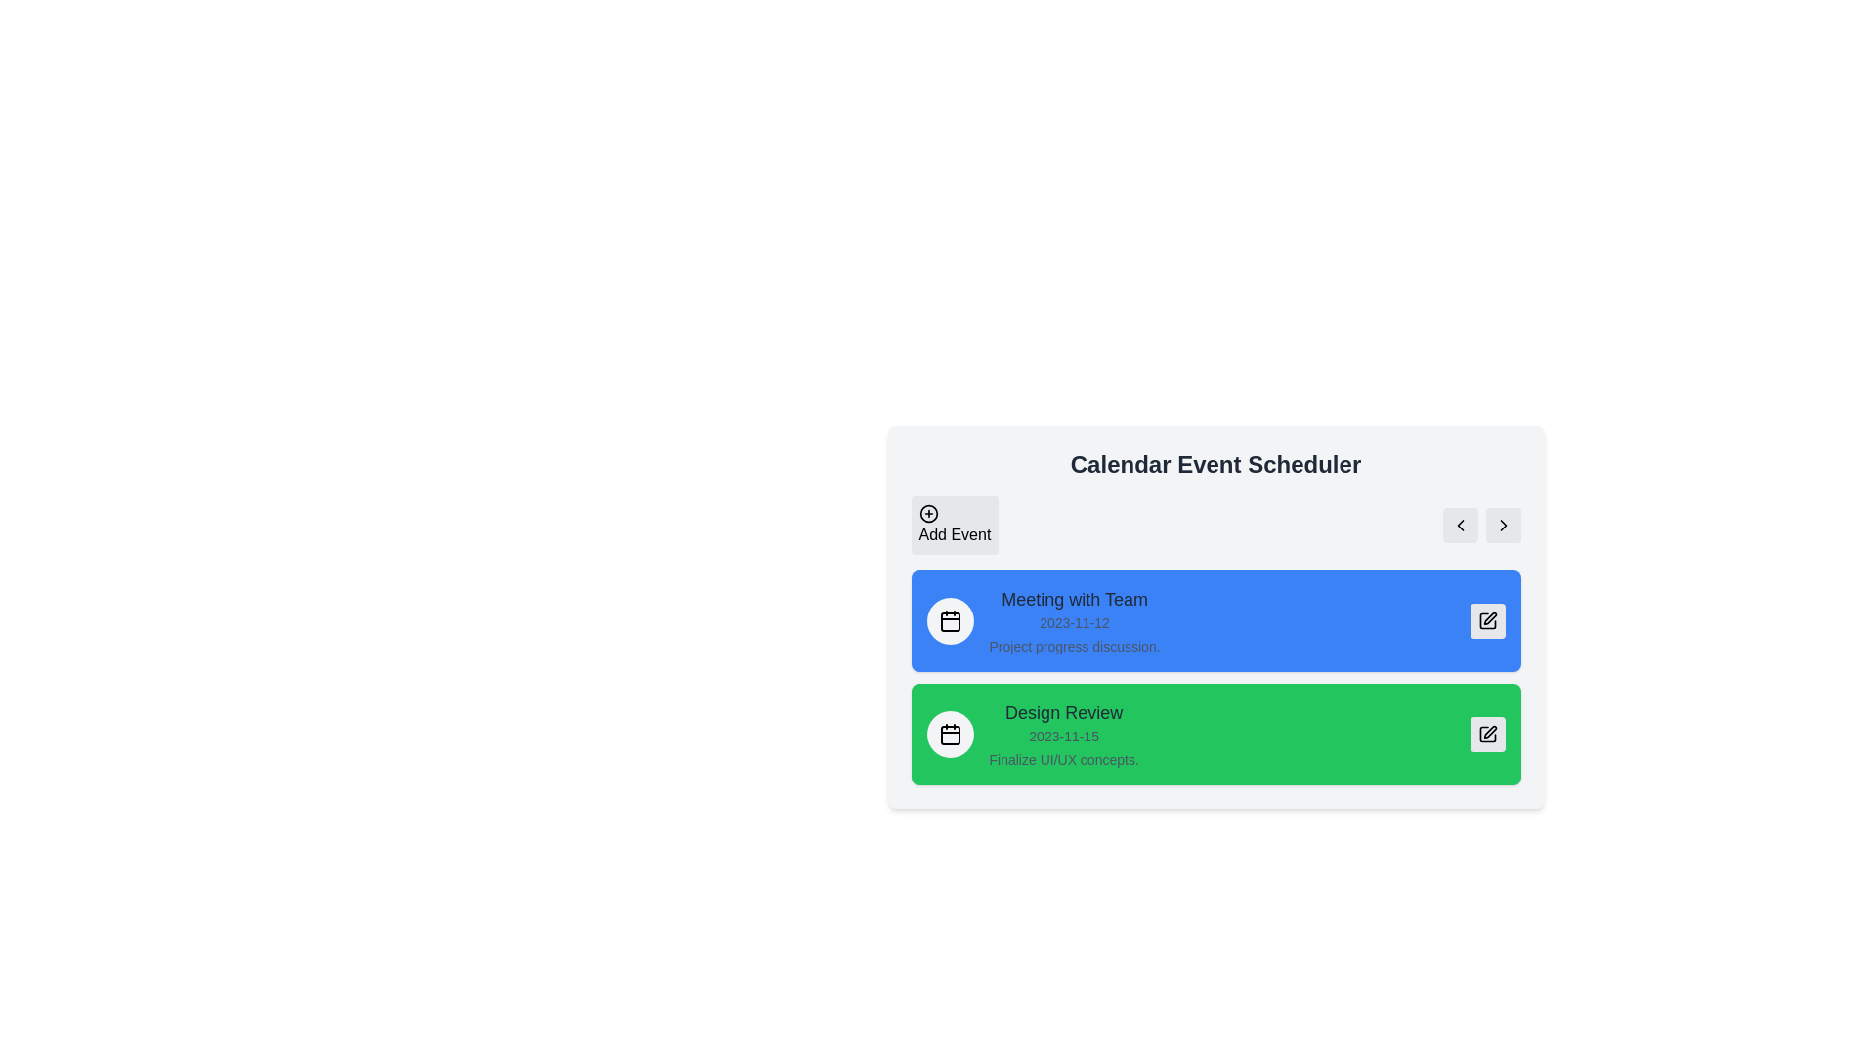  Describe the element at coordinates (1073, 647) in the screenshot. I see `the text label displaying 'Project progress discussion.' located at the bottom of the event box titled 'Meeting with Team'` at that location.